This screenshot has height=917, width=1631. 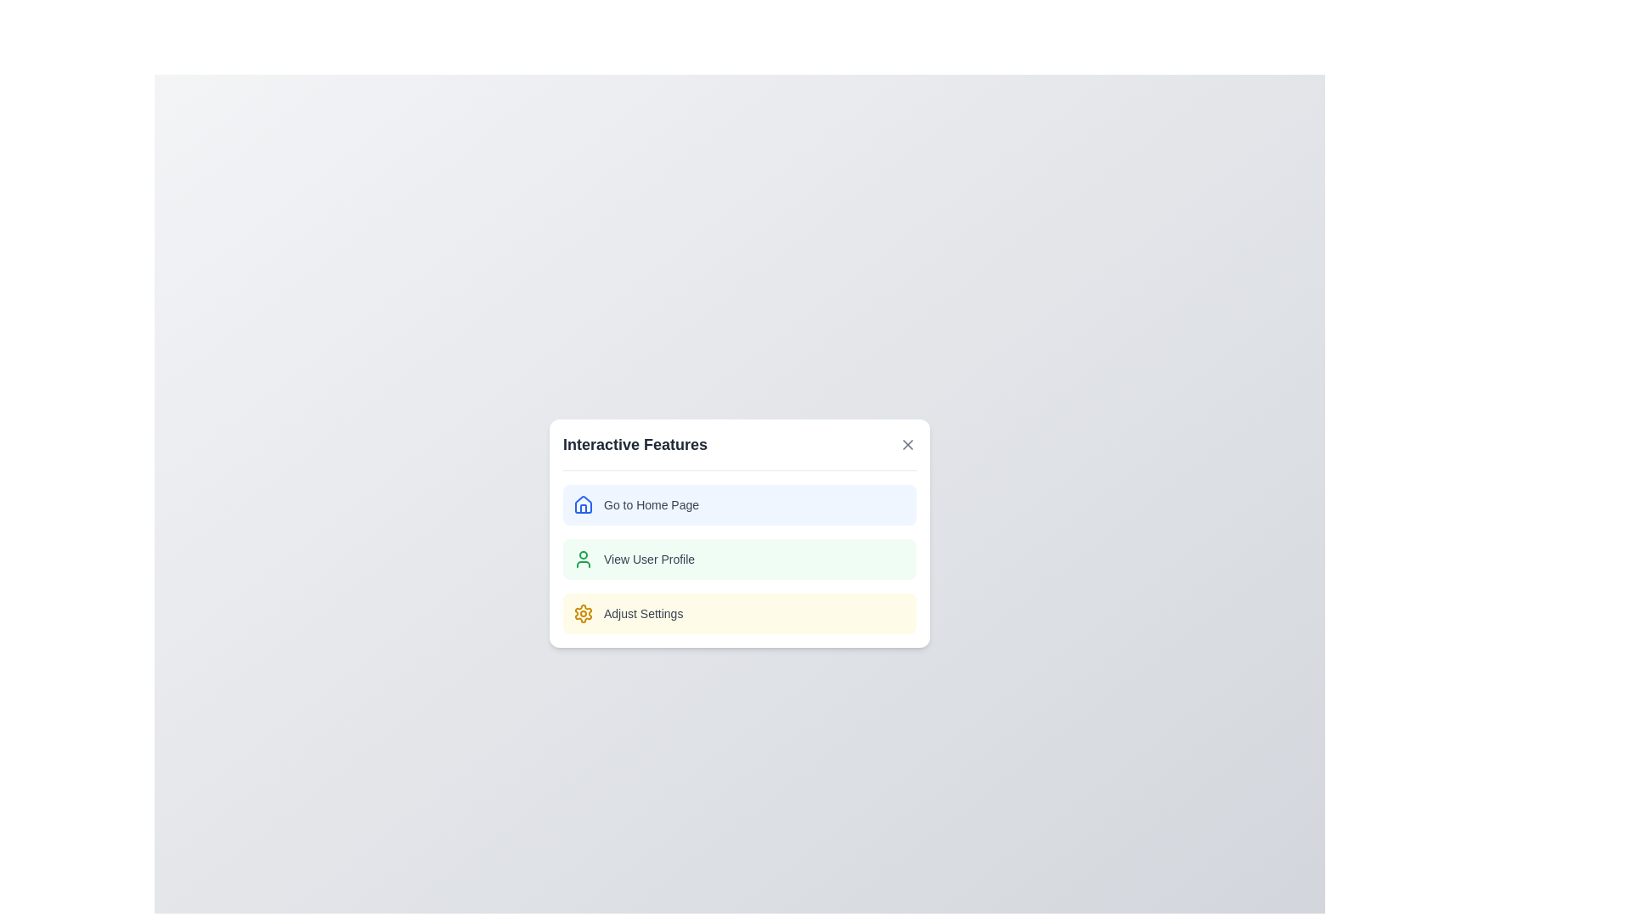 What do you see at coordinates (907, 443) in the screenshot?
I see `the close icon (X) located at the top-right corner of the 'Interactive Features' card` at bounding box center [907, 443].